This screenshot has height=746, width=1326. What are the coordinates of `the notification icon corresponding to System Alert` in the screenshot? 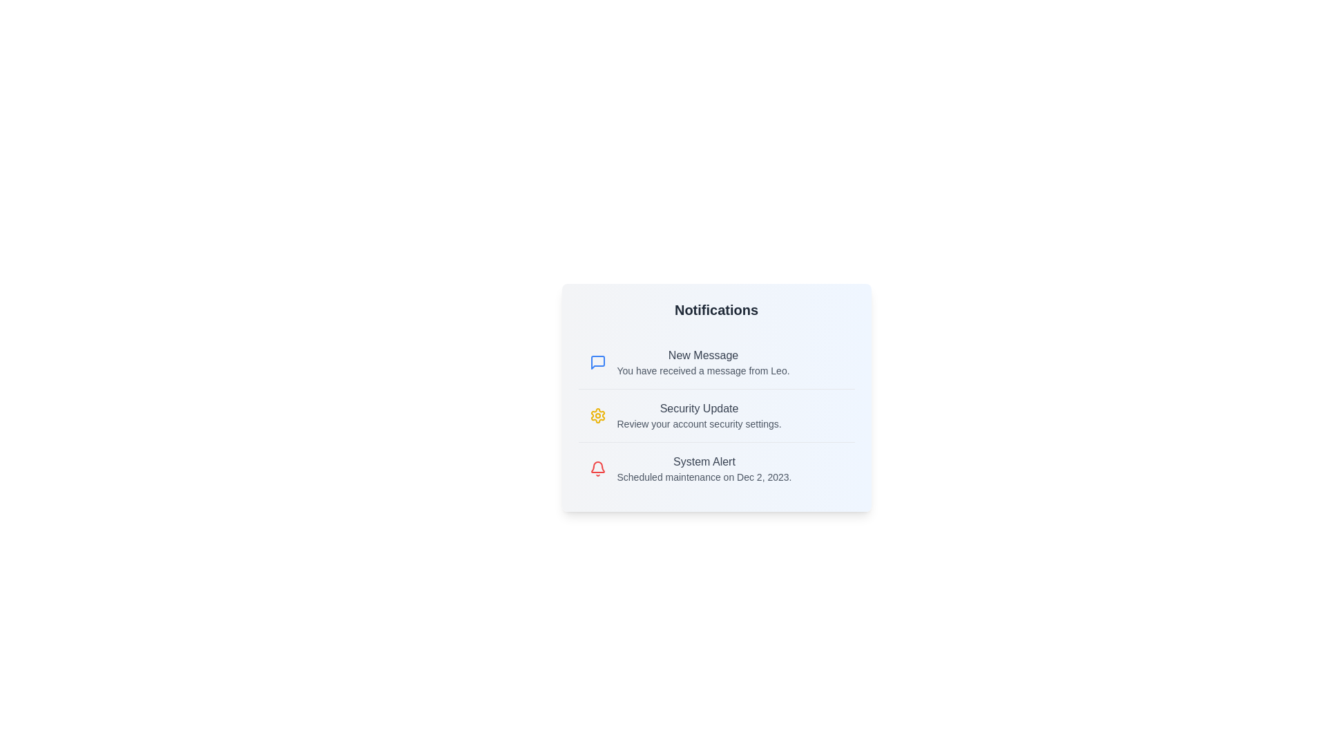 It's located at (597, 468).